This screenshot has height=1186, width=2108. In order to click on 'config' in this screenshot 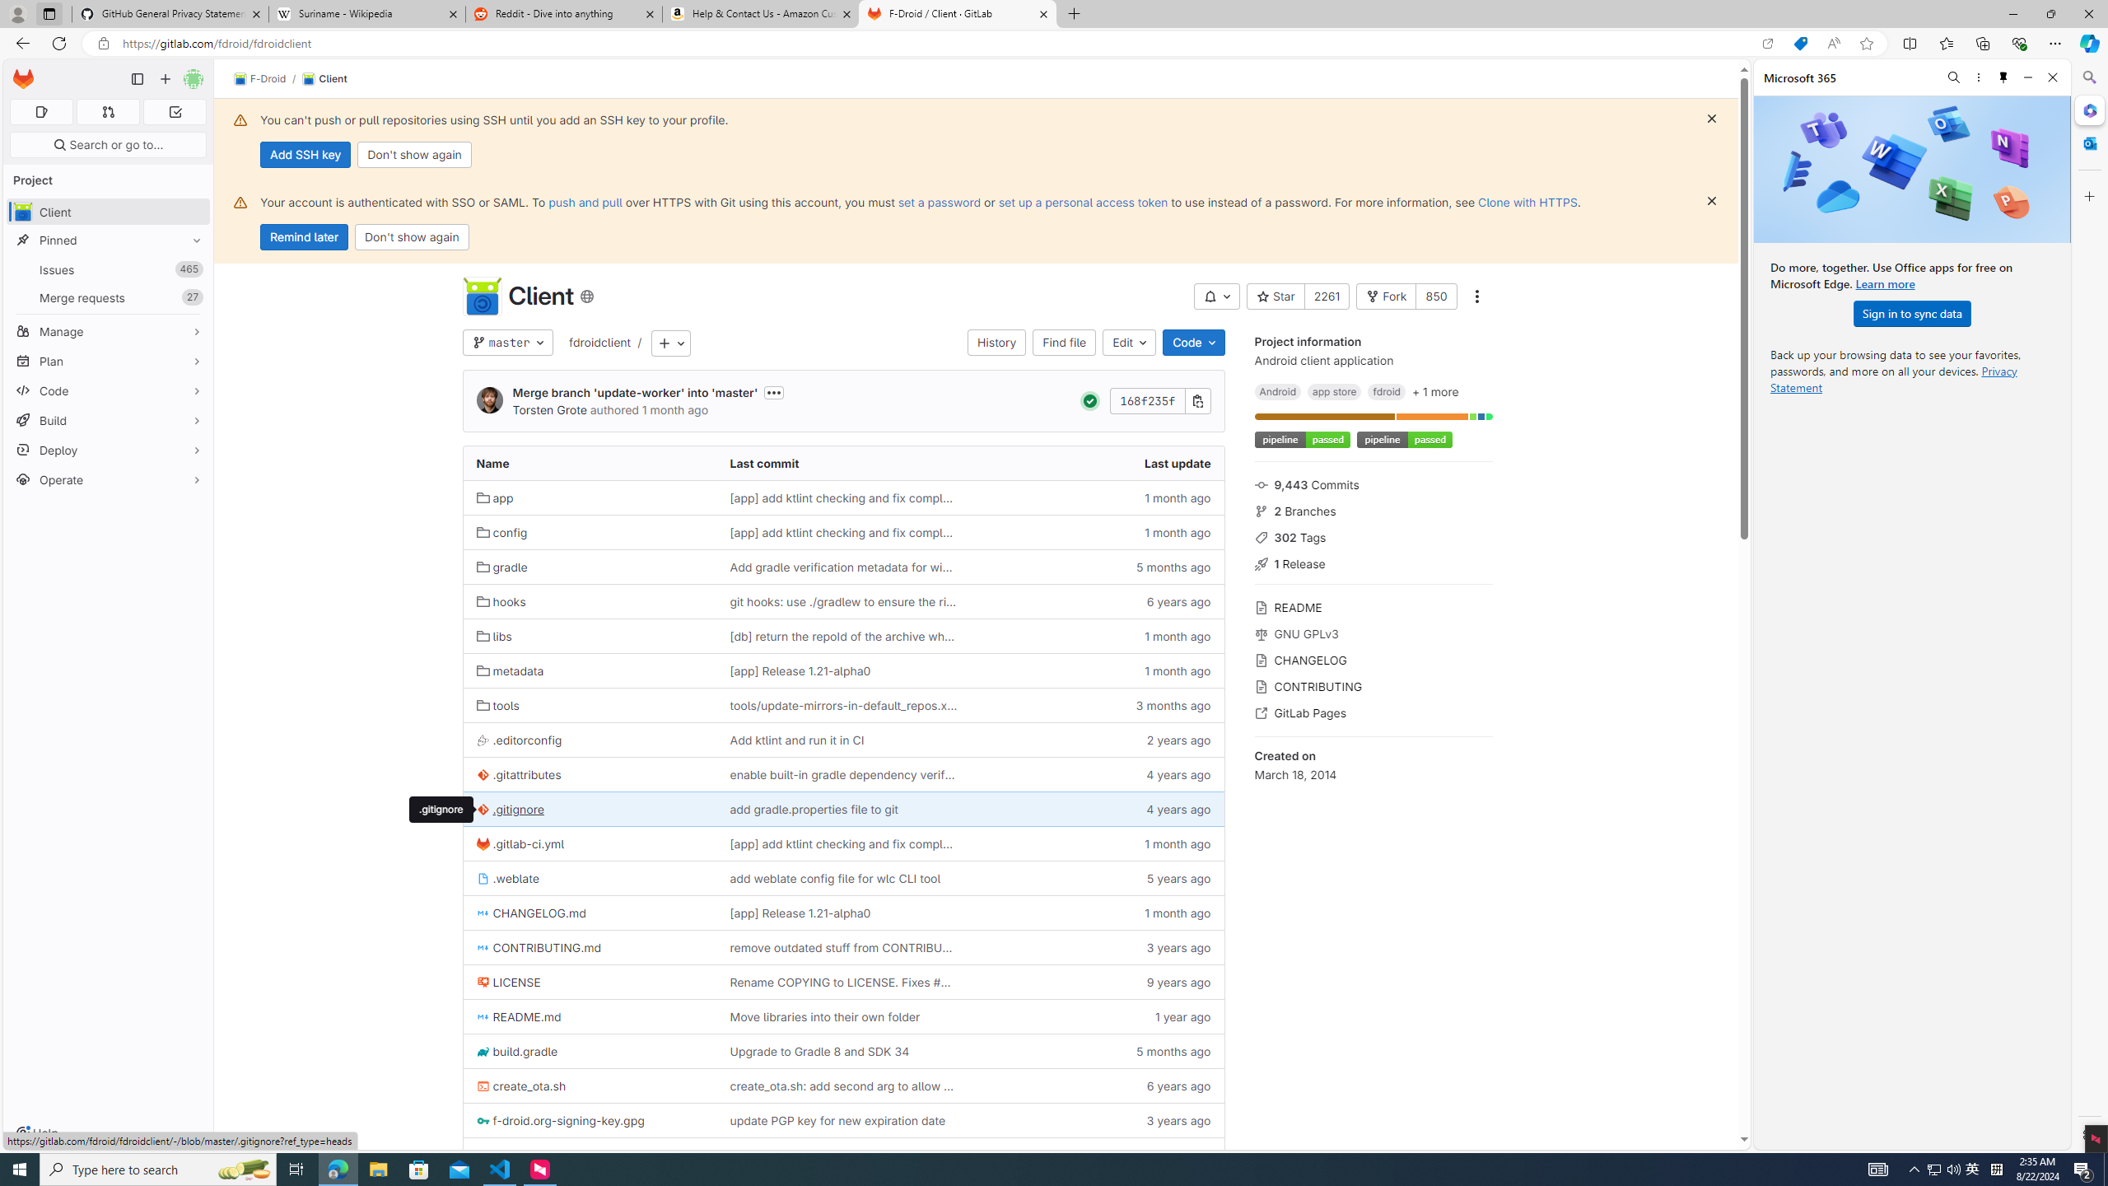, I will do `click(501, 533)`.